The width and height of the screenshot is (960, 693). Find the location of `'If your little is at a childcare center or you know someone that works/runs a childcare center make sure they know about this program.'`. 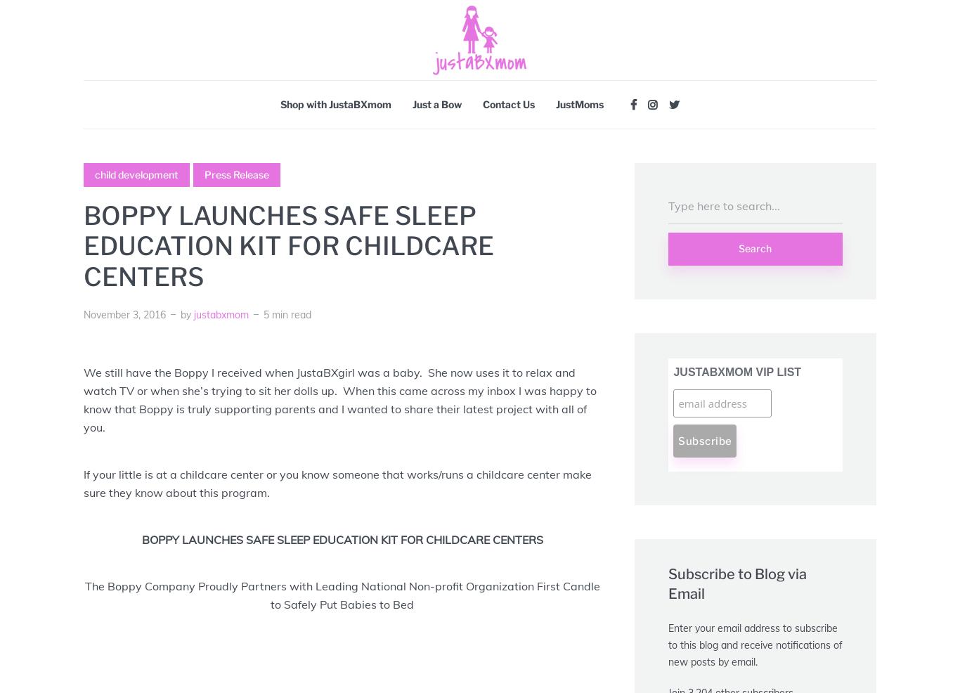

'If your little is at a childcare center or you know someone that works/runs a childcare center make sure they know about this program.' is located at coordinates (337, 482).